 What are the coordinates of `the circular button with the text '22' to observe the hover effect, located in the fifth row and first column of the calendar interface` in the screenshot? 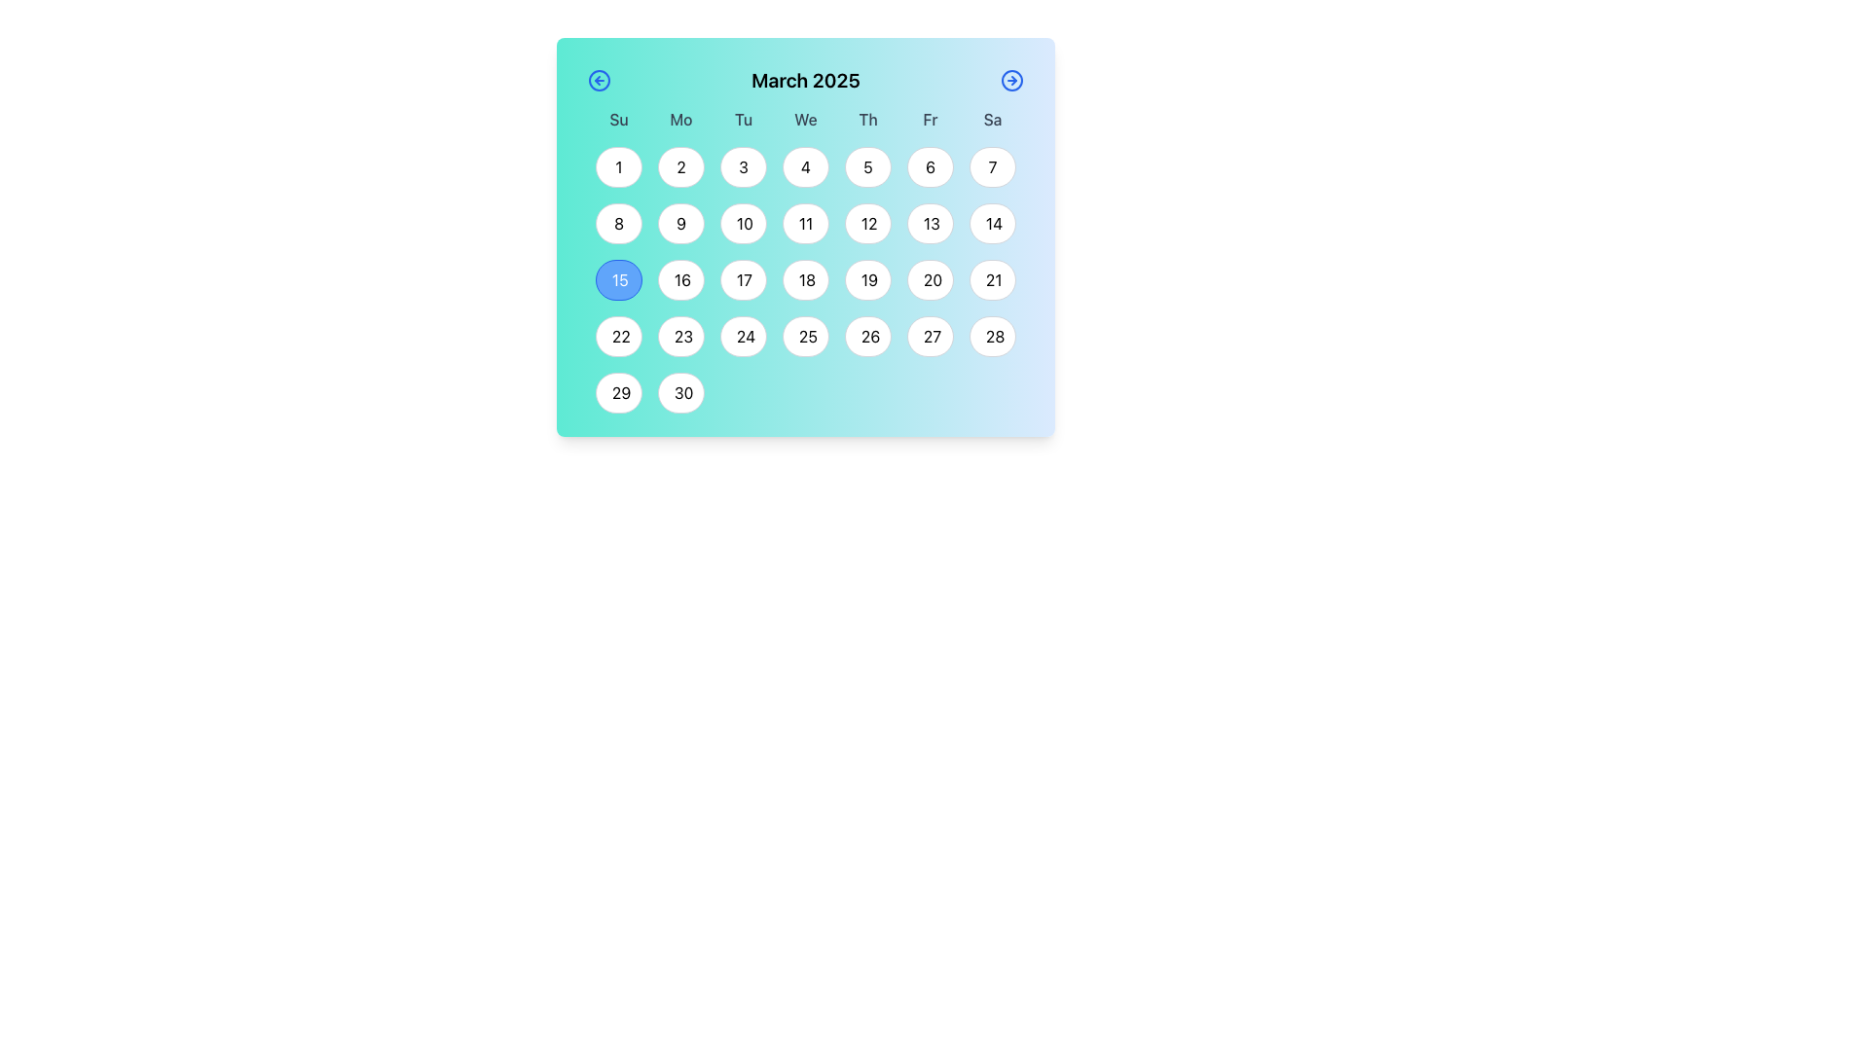 It's located at (617, 336).